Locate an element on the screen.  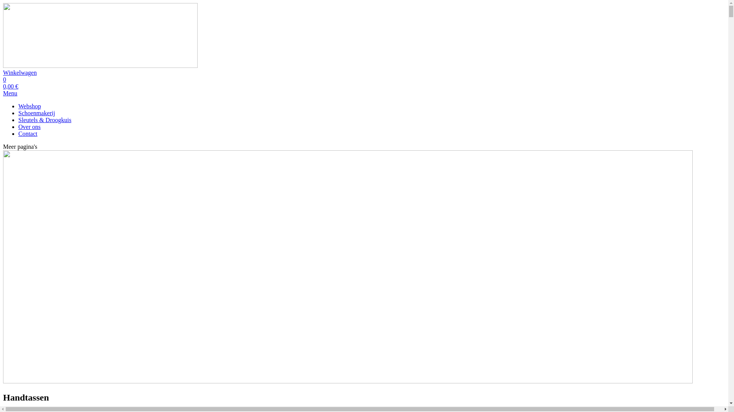
'Menu' is located at coordinates (10, 93).